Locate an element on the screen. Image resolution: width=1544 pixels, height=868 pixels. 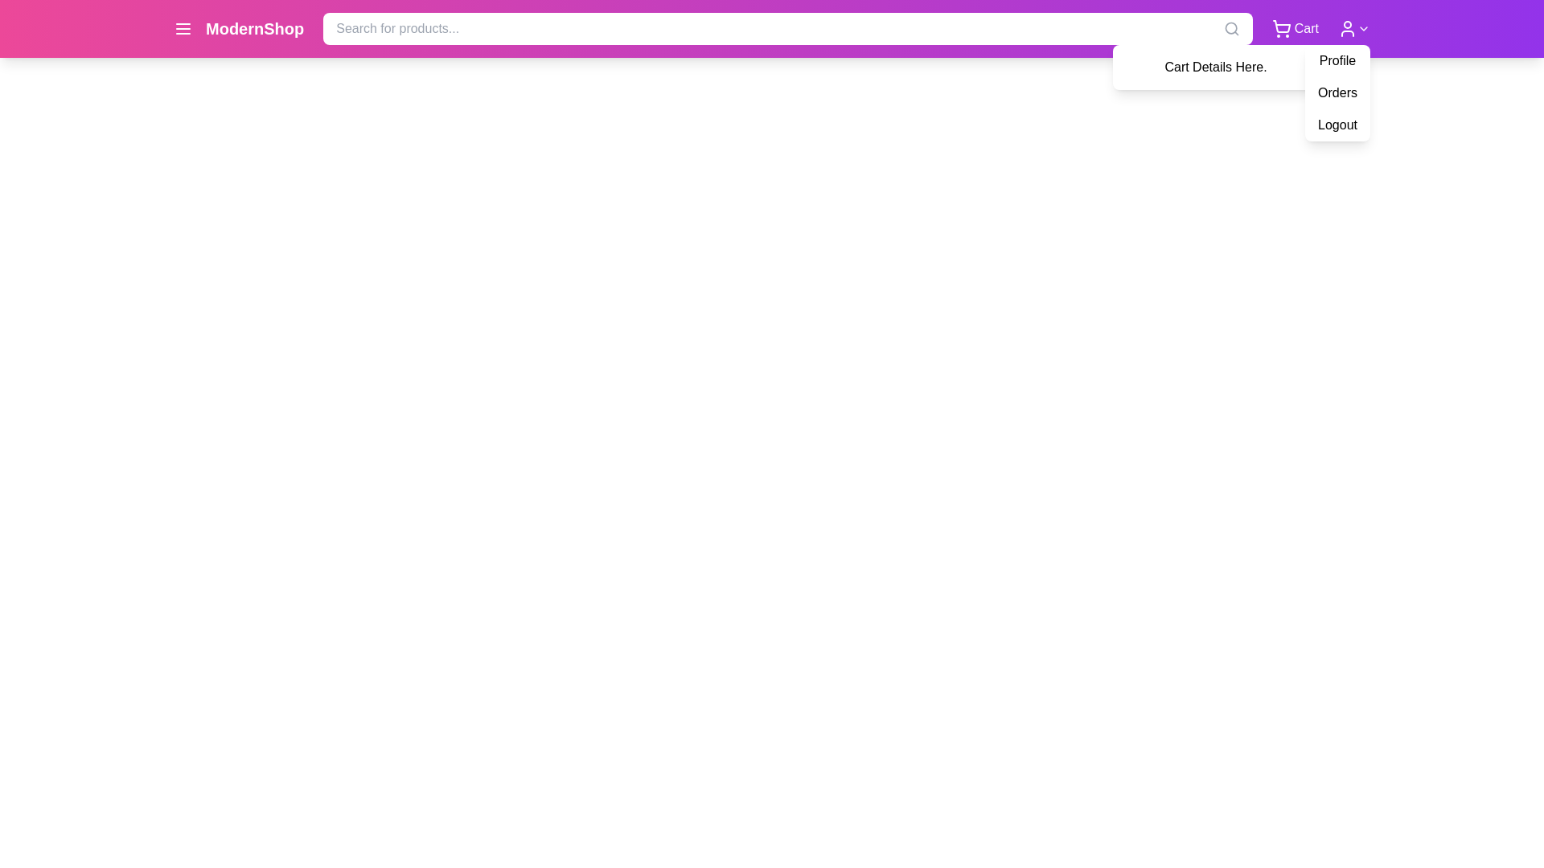
the 'Logout' dropdown menu item, which is the last option in the vertical menu with a white background and black bold text, to trigger the background color change effect is located at coordinates (1337, 124).